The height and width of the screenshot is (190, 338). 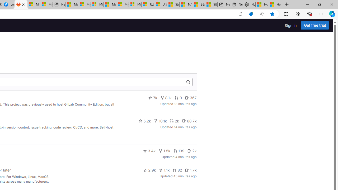 What do you see at coordinates (192, 151) in the screenshot?
I see `'2k'` at bounding box center [192, 151].